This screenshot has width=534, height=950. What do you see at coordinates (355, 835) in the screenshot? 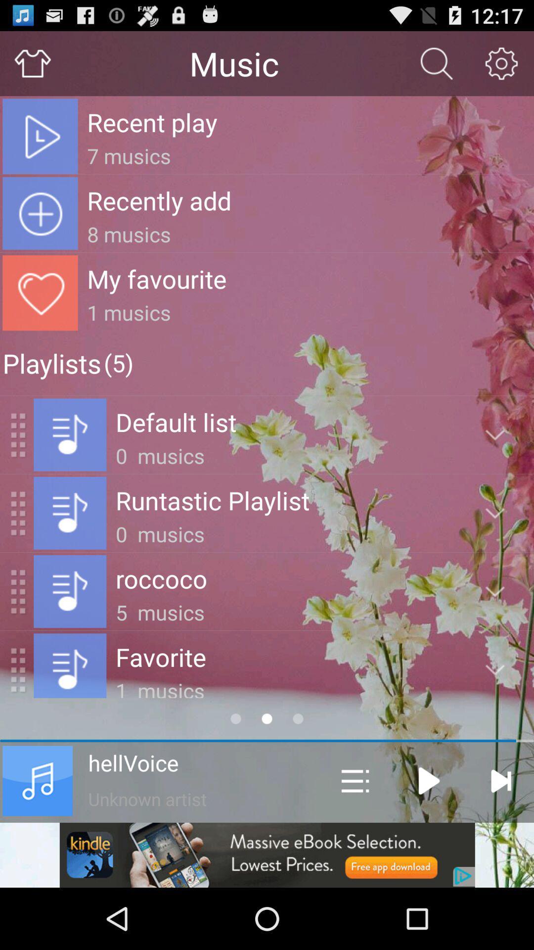
I see `the sliders icon` at bounding box center [355, 835].